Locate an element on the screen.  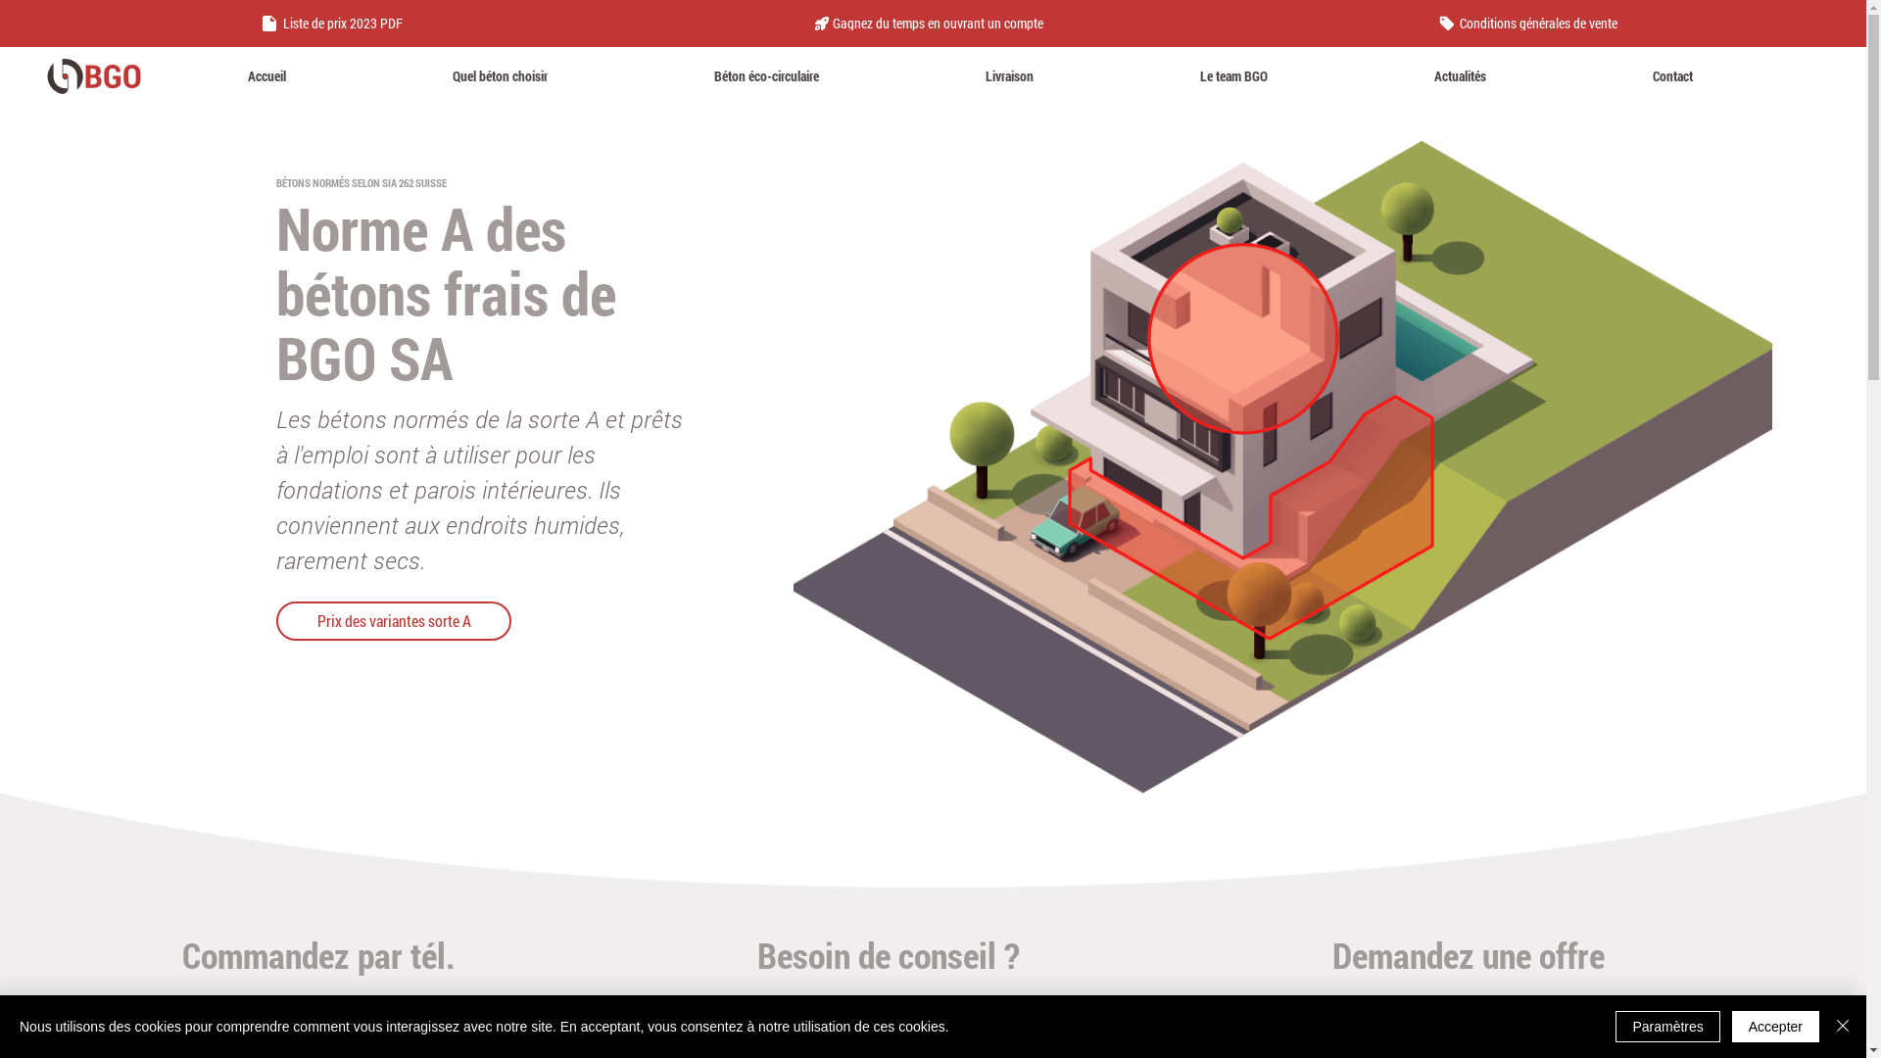
'Contact' is located at coordinates (1671, 74).